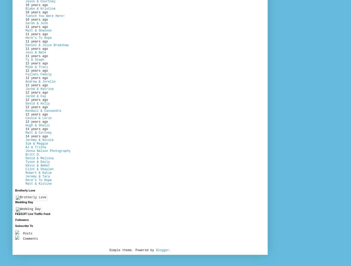 This screenshot has width=351, height=266. Describe the element at coordinates (34, 60) in the screenshot. I see `'Ty & Steph'` at that location.